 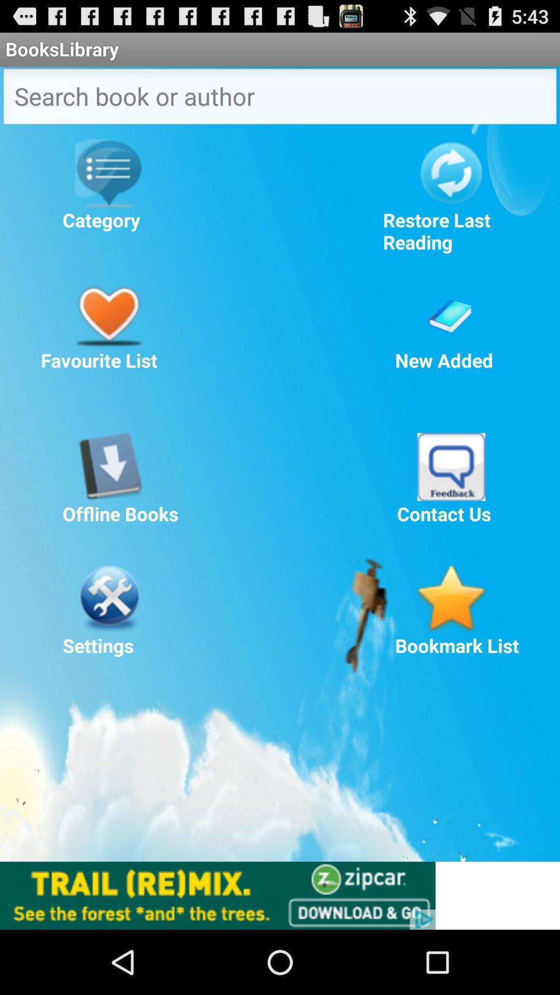 I want to click on the avatar icon, so click(x=451, y=500).